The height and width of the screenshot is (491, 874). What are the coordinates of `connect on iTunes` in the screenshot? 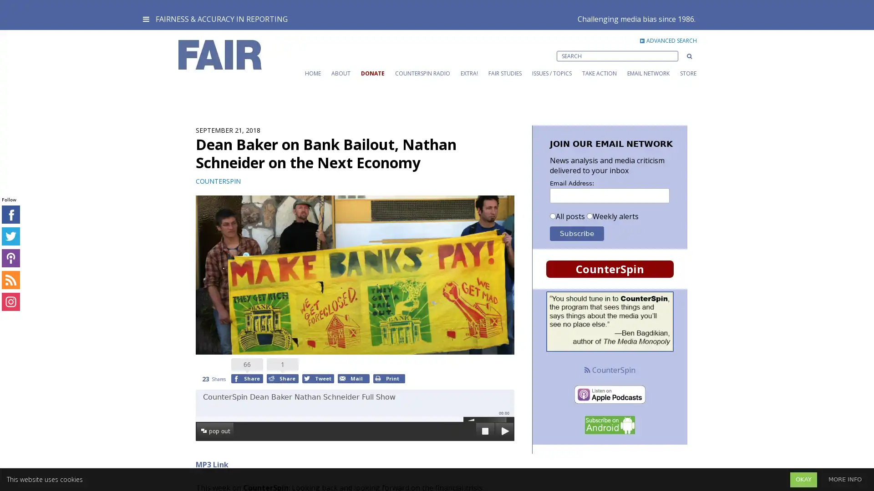 It's located at (11, 258).